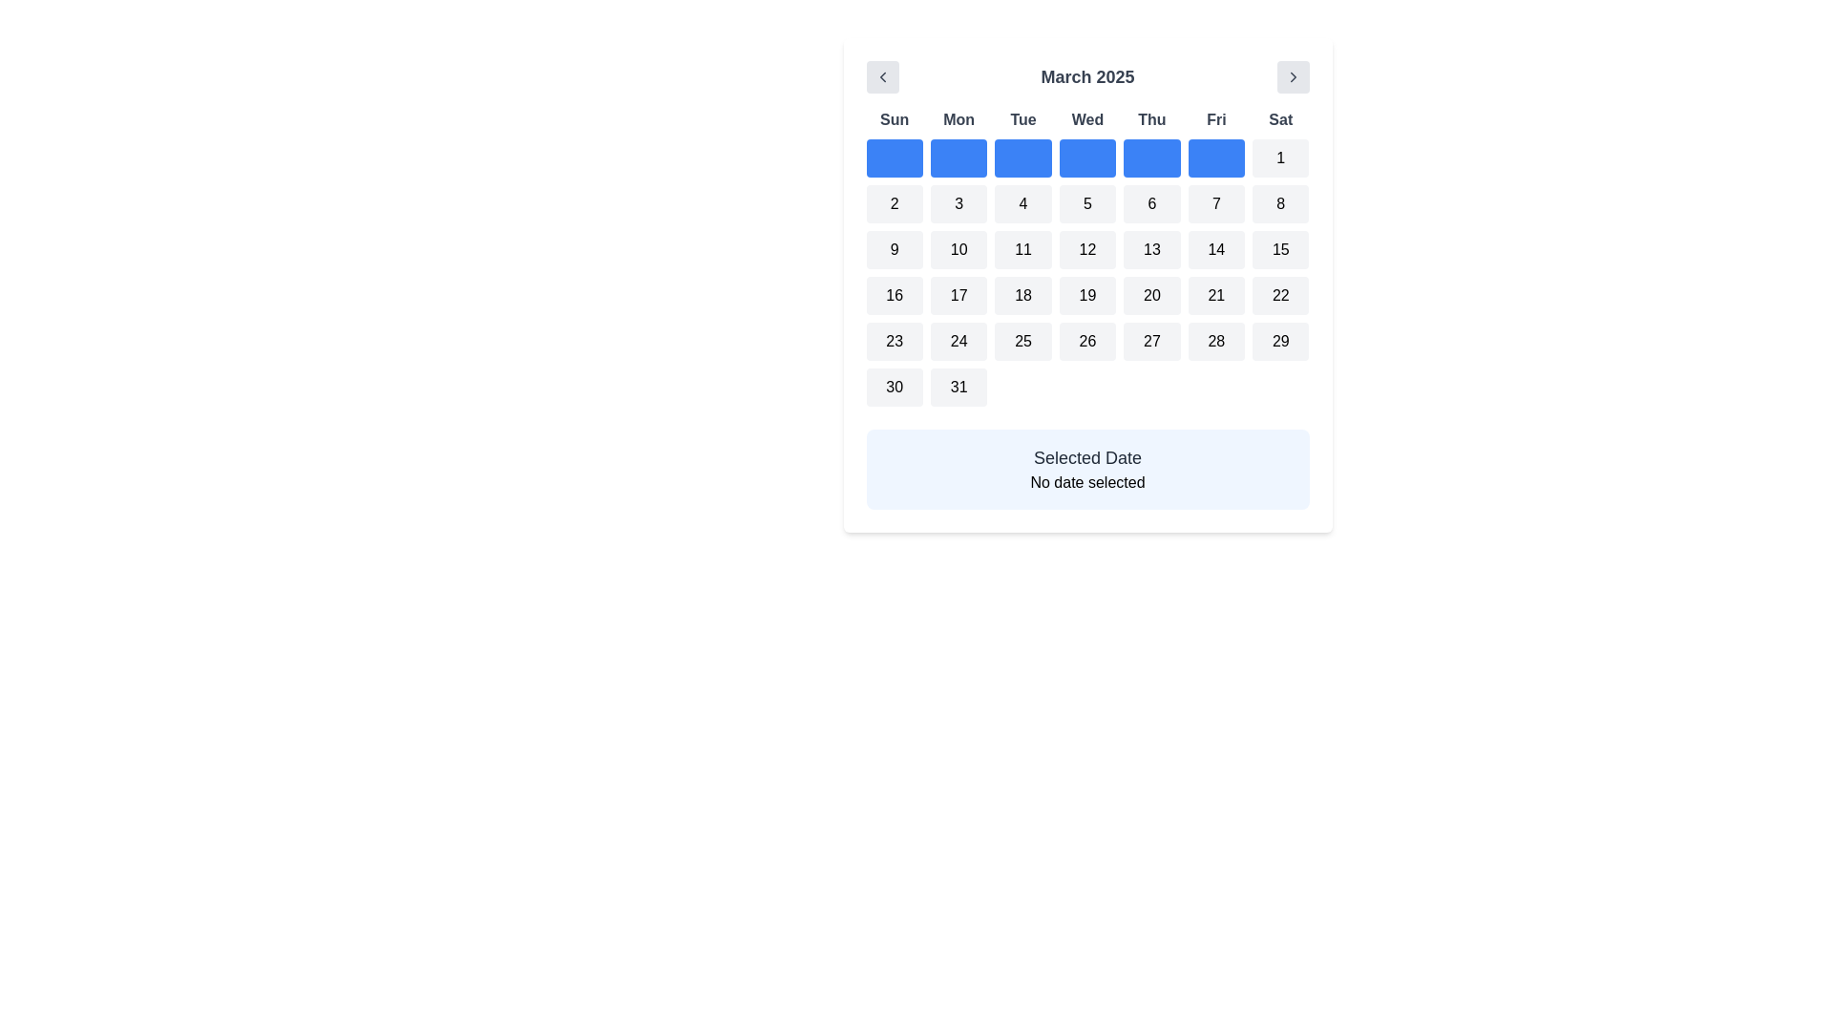  What do you see at coordinates (1087, 76) in the screenshot?
I see `text content of the Label/Text Display element that shows 'March 2025', which is centrally located in the calendar interface header` at bounding box center [1087, 76].